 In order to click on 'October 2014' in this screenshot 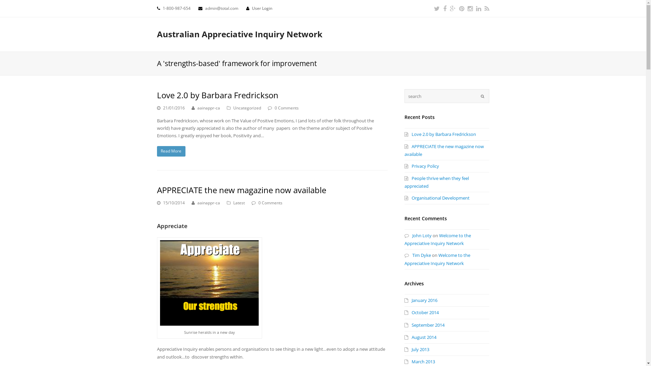, I will do `click(421, 312)`.